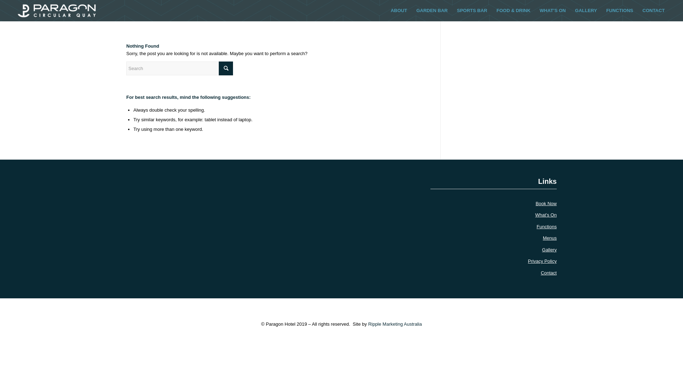  I want to click on 'Gallery', so click(549, 249).